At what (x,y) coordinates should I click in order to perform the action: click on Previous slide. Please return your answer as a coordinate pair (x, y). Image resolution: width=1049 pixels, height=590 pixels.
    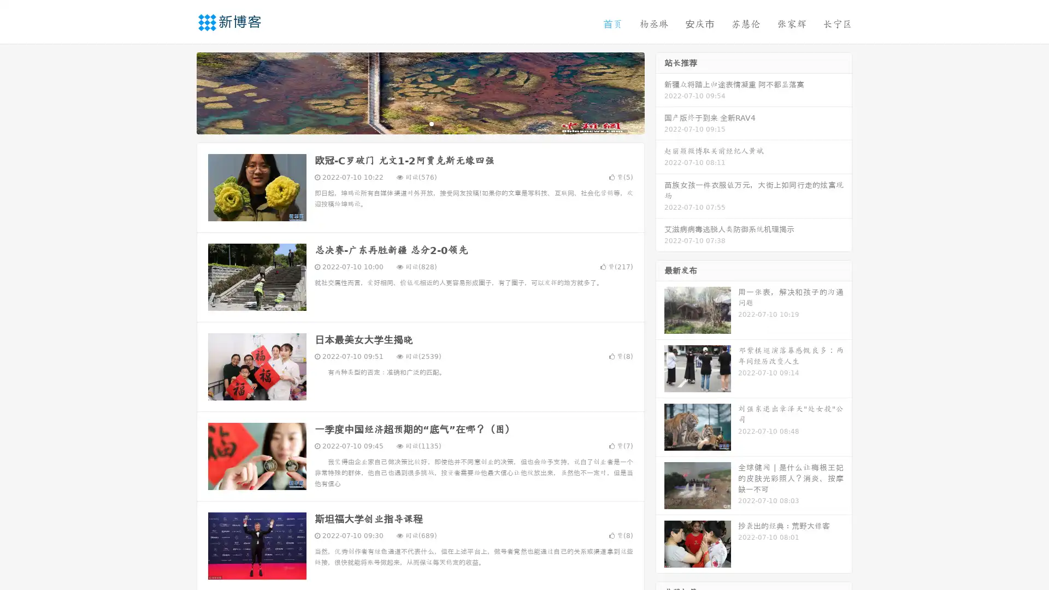
    Looking at the image, I should click on (180, 92).